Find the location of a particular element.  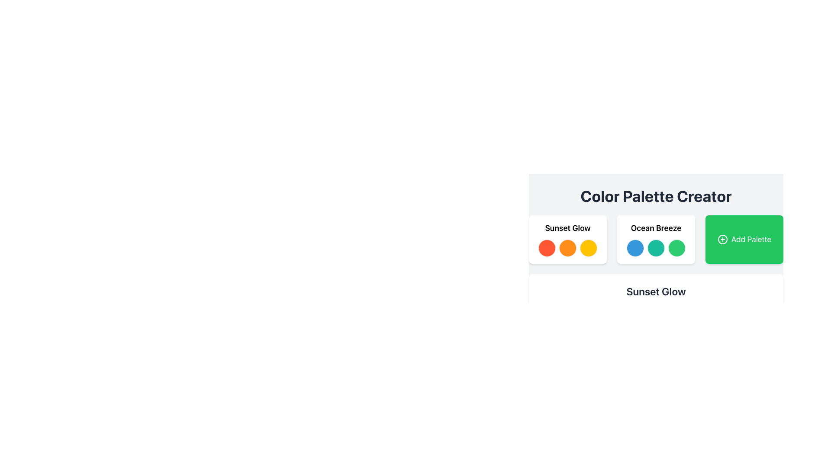

the graphical representation of the circular graphic component within the 'Add Palette' button, which is located at the far right of the 'Color Palette Creator' section is located at coordinates (722, 240).